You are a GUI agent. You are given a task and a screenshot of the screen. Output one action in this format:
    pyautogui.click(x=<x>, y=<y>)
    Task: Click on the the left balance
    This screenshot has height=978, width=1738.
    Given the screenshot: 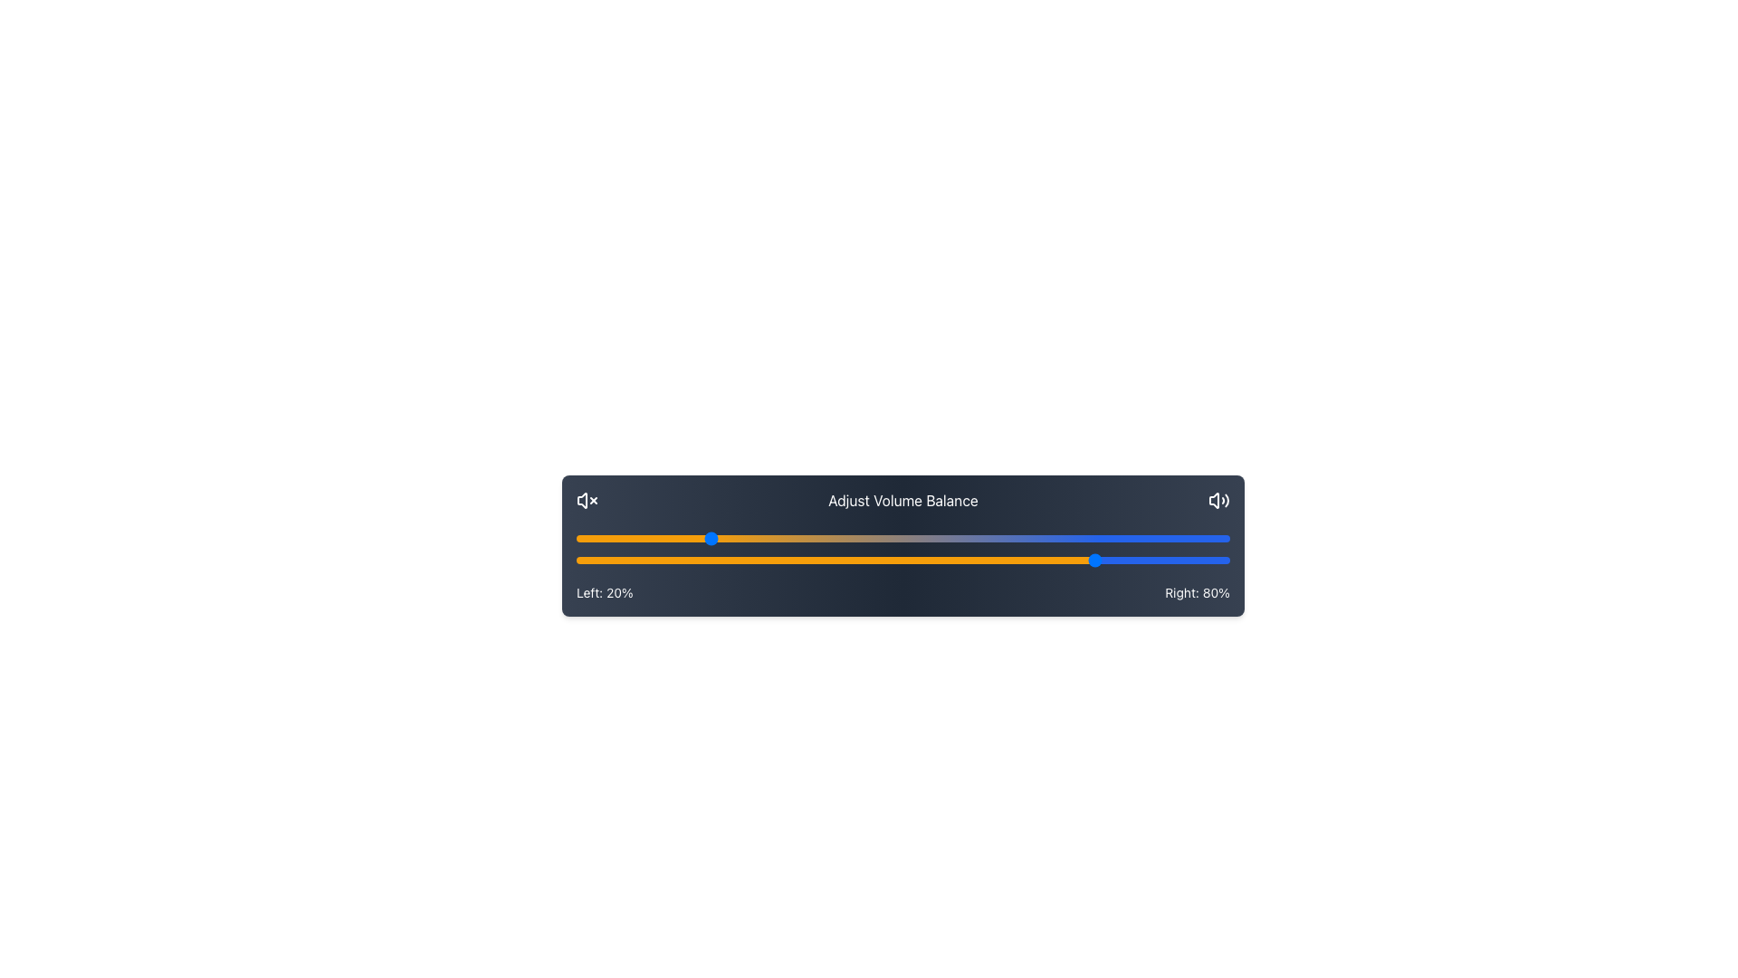 What is the action you would take?
    pyautogui.click(x=583, y=537)
    